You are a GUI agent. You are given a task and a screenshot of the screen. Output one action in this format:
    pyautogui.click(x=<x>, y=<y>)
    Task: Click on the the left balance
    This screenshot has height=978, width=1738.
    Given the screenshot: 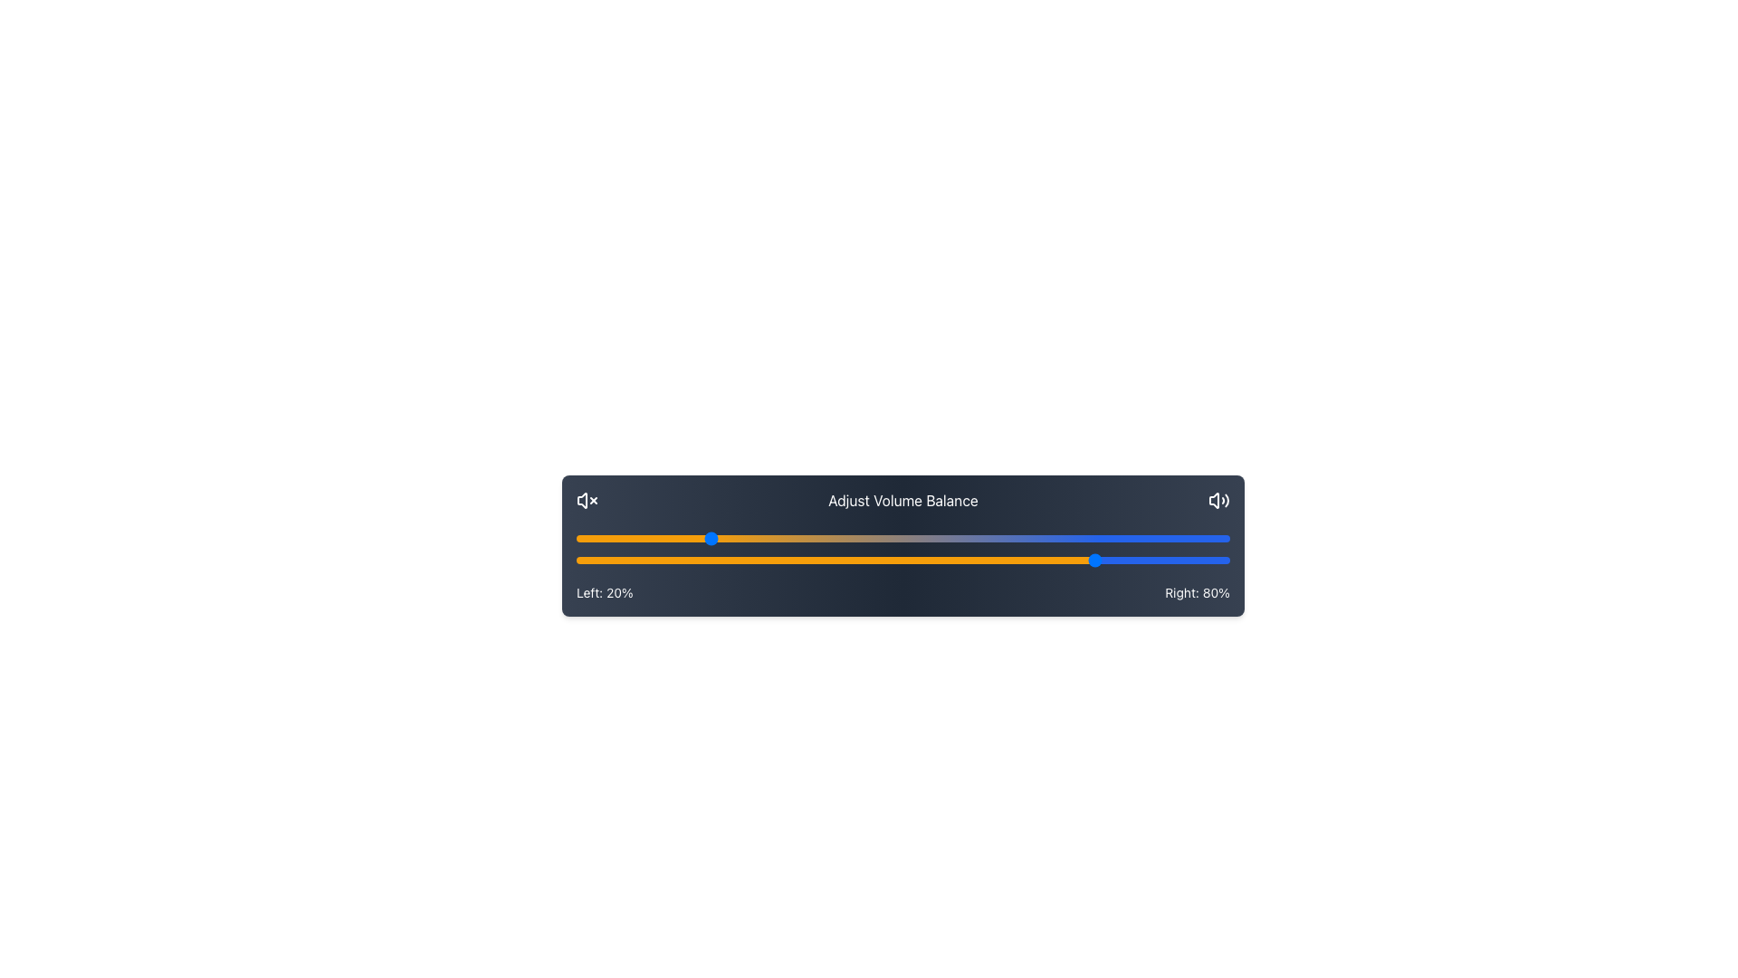 What is the action you would take?
    pyautogui.click(x=583, y=537)
    